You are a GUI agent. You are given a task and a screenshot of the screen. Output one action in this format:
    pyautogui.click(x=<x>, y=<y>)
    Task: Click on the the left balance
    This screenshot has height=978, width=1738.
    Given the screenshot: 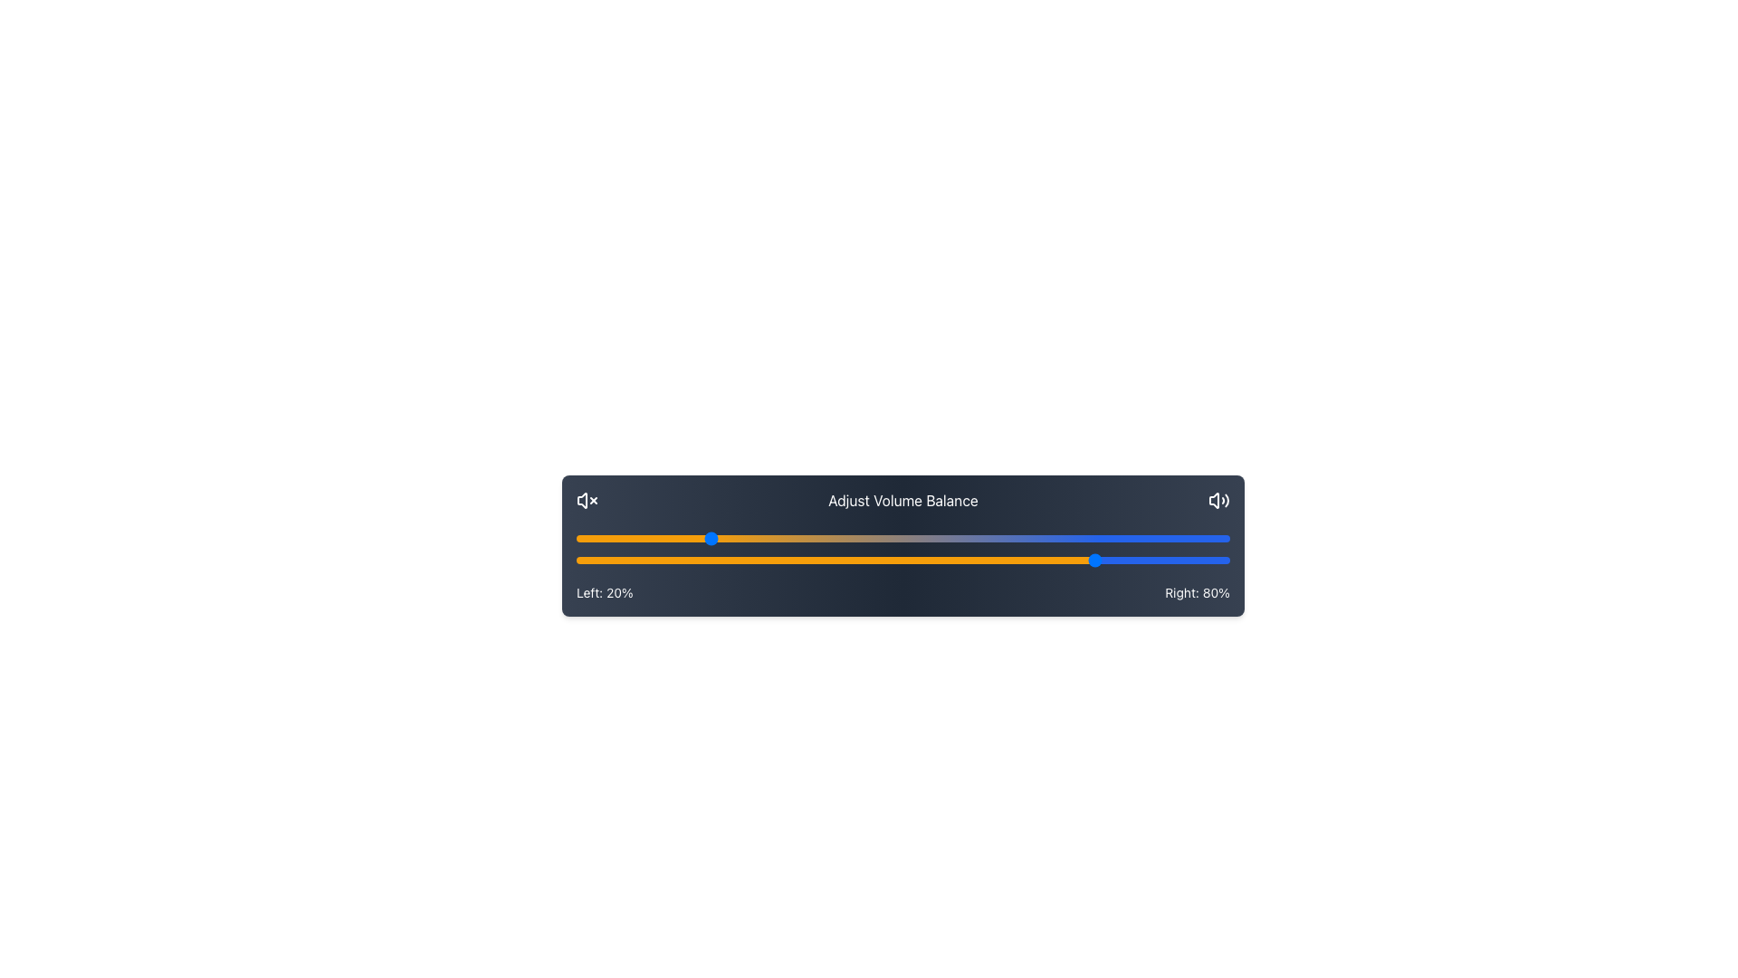 What is the action you would take?
    pyautogui.click(x=583, y=537)
    